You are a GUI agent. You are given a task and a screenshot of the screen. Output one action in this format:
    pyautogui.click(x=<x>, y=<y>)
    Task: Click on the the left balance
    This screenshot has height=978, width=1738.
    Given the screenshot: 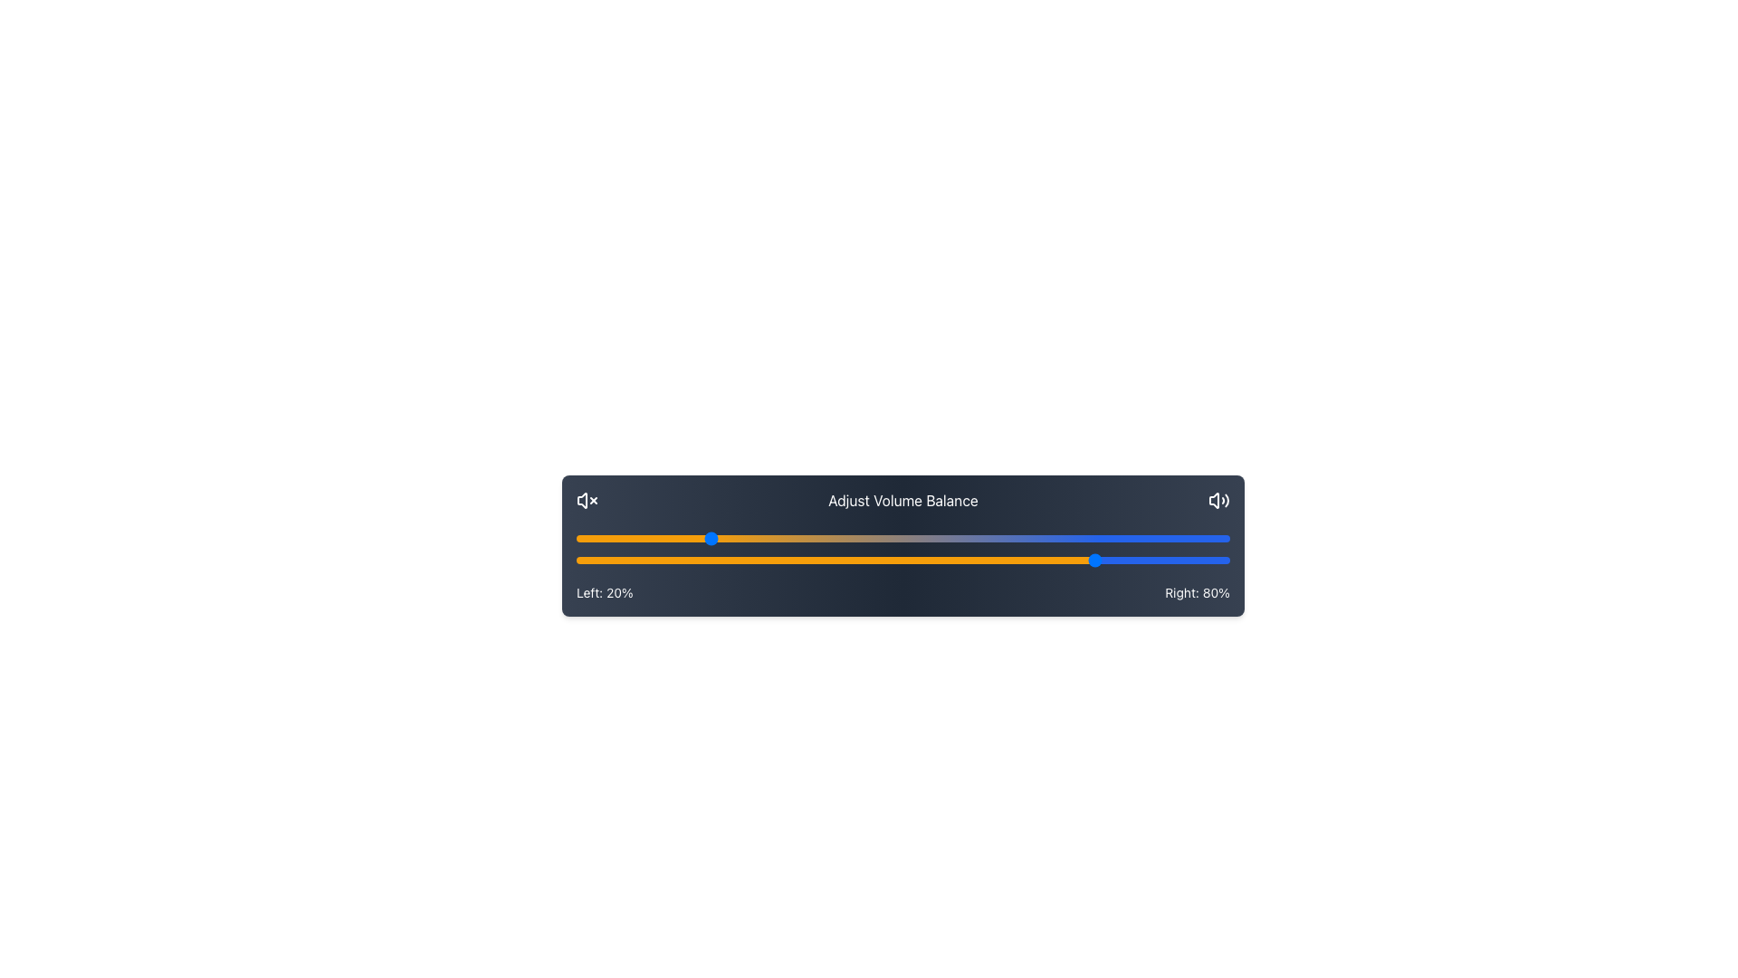 What is the action you would take?
    pyautogui.click(x=583, y=537)
    